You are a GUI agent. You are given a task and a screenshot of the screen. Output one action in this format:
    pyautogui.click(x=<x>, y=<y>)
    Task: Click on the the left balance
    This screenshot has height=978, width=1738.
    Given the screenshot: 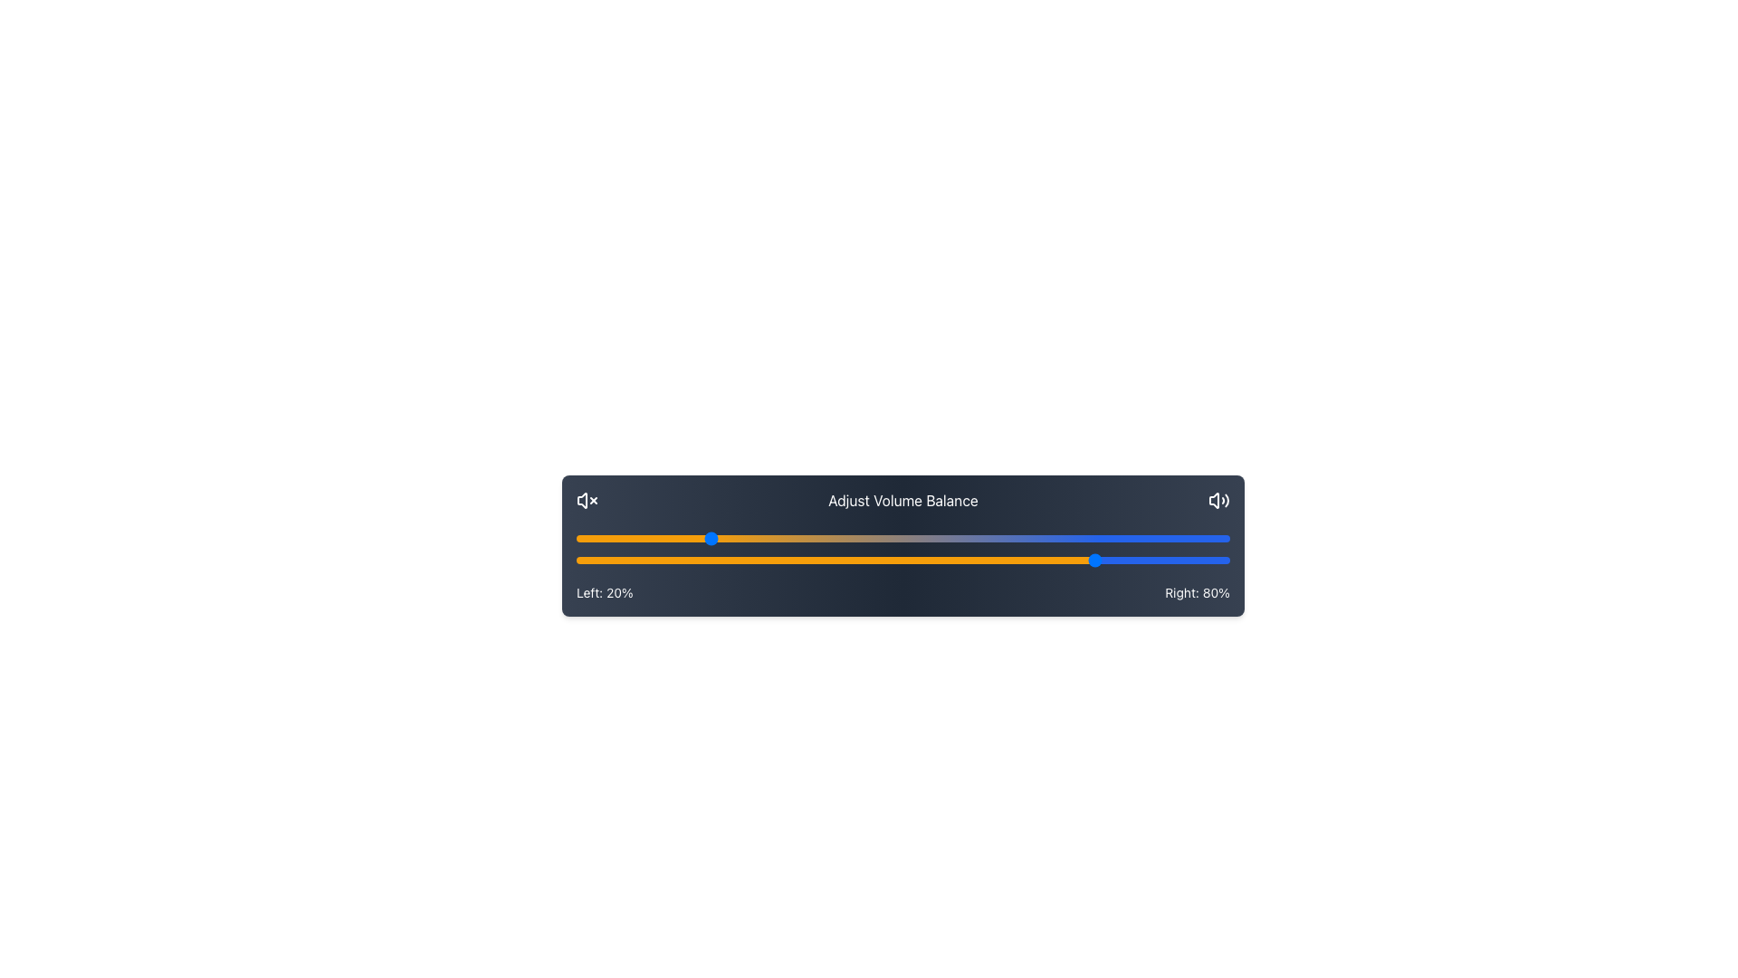 What is the action you would take?
    pyautogui.click(x=583, y=537)
    